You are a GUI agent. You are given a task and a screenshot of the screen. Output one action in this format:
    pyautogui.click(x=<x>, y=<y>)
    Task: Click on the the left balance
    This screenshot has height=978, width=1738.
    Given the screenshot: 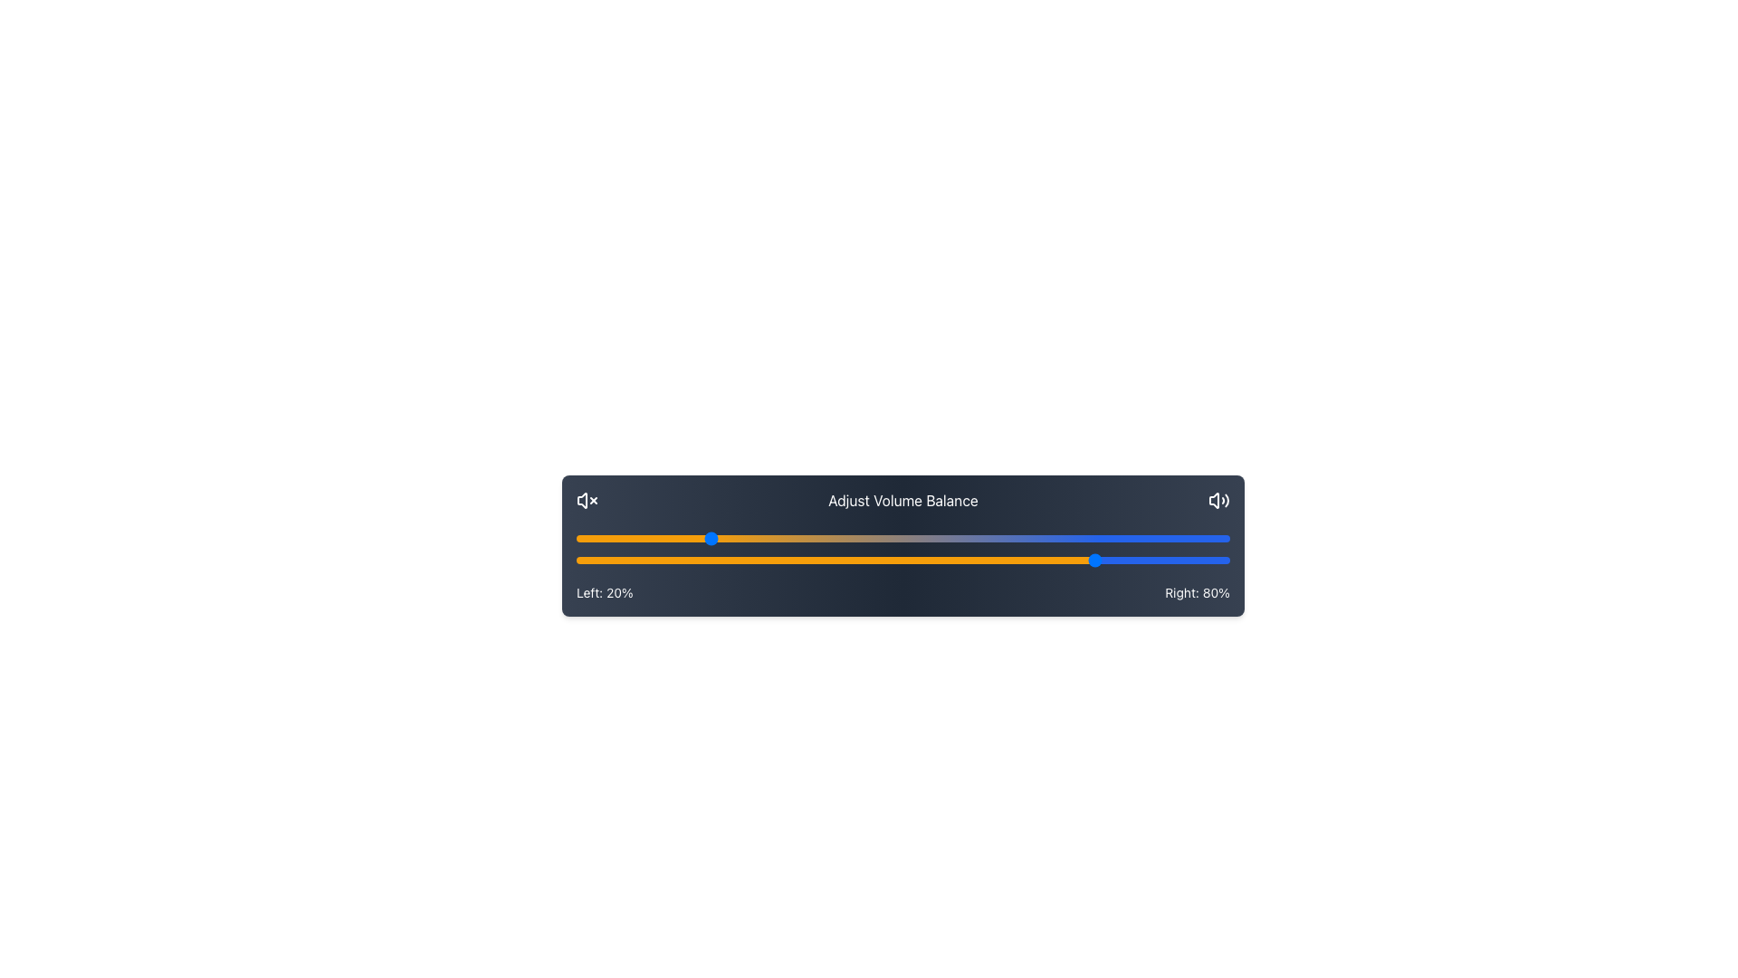 What is the action you would take?
    pyautogui.click(x=583, y=537)
    